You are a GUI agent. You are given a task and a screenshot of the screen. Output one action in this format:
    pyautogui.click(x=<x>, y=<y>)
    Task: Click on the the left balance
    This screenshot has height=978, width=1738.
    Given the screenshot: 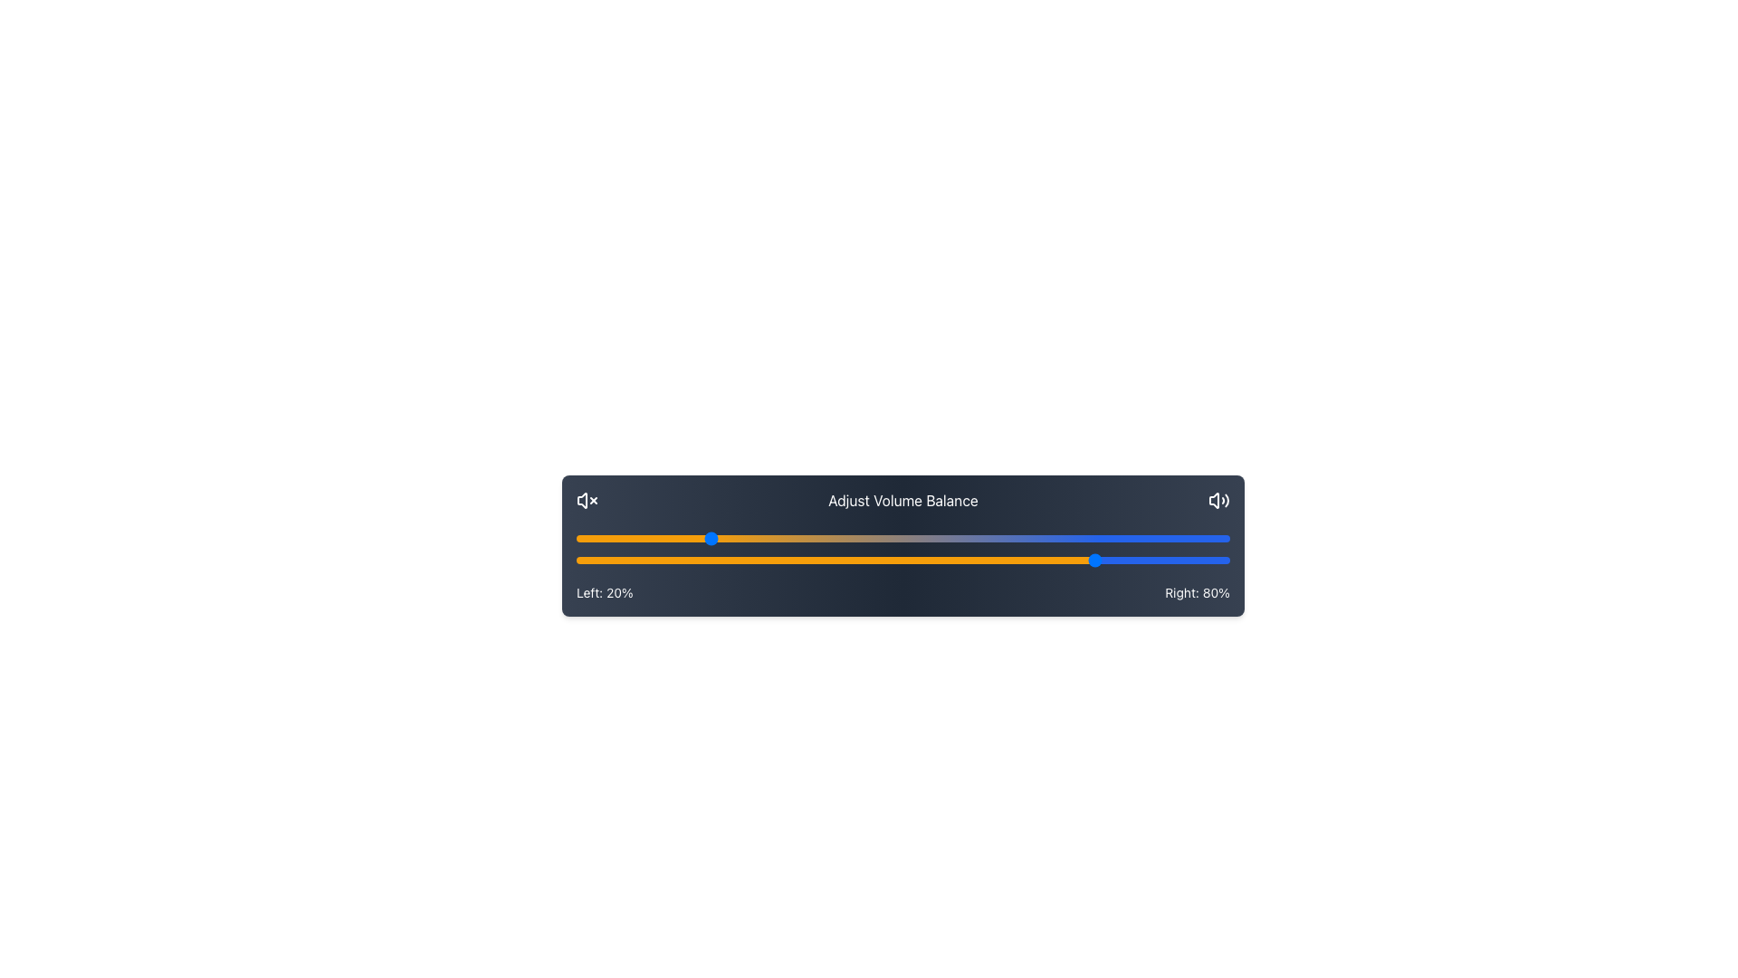 What is the action you would take?
    pyautogui.click(x=583, y=537)
    